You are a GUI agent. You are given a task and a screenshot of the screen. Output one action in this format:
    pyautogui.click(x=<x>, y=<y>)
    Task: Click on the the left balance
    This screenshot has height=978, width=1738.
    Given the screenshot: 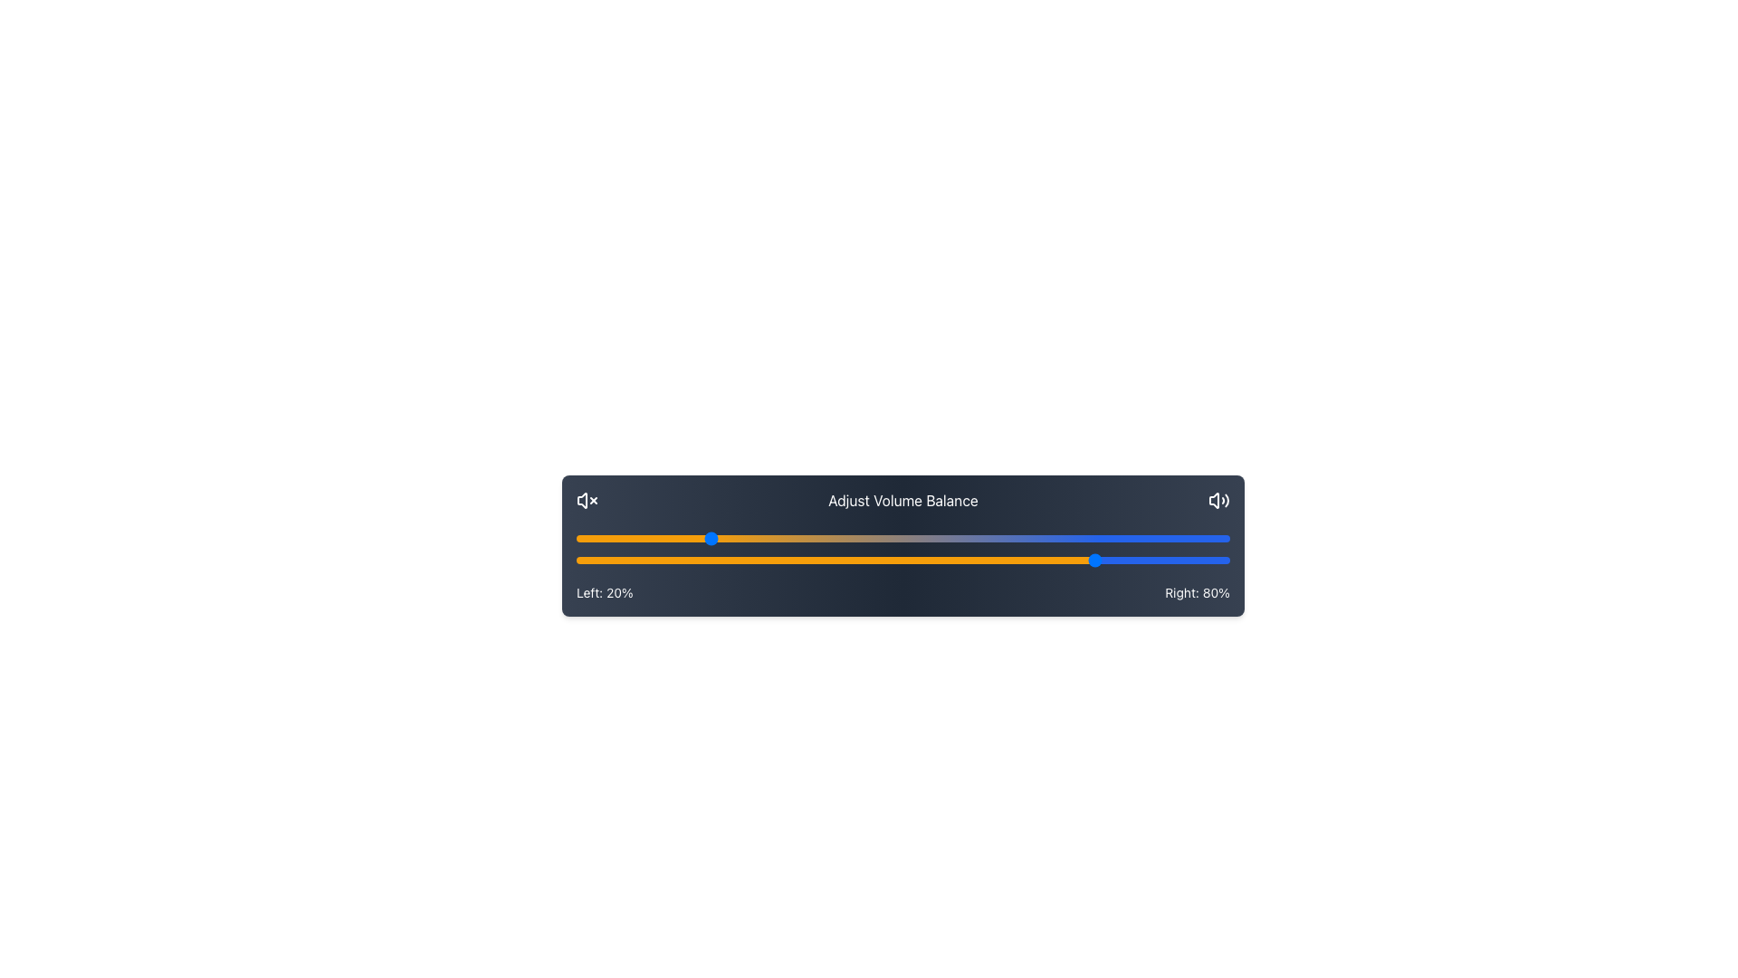 What is the action you would take?
    pyautogui.click(x=583, y=537)
    